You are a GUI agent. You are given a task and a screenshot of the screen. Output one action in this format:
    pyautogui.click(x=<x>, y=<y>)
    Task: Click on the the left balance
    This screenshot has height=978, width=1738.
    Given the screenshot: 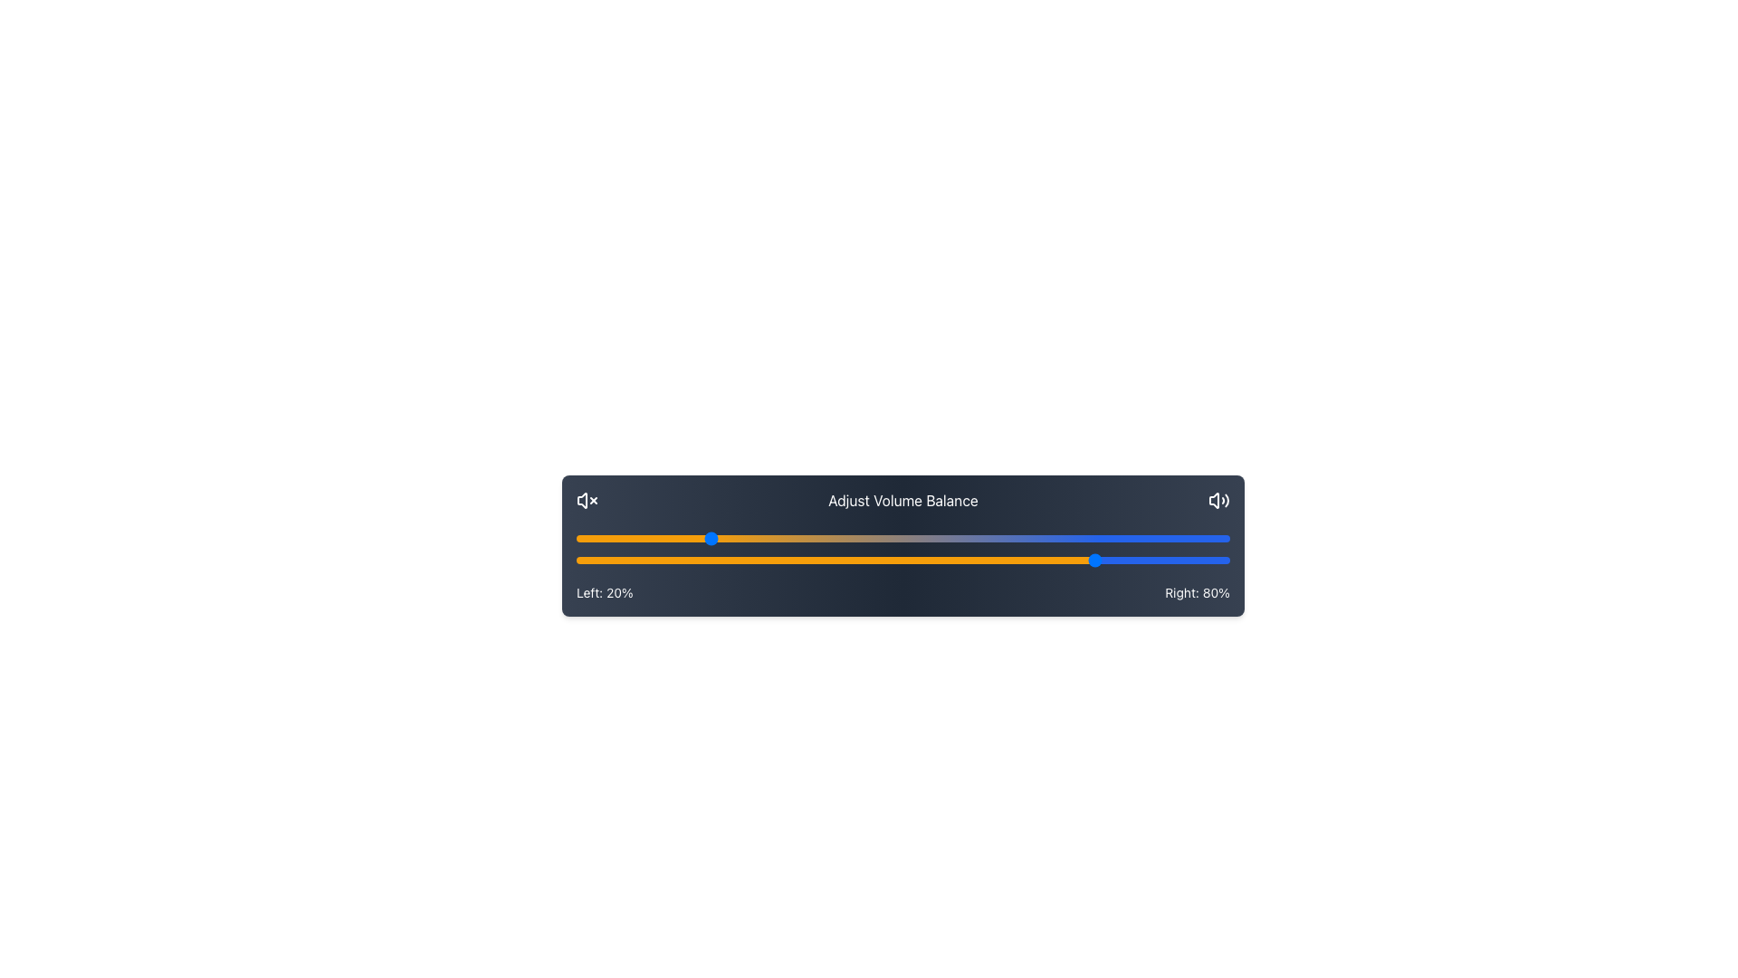 What is the action you would take?
    pyautogui.click(x=583, y=537)
    